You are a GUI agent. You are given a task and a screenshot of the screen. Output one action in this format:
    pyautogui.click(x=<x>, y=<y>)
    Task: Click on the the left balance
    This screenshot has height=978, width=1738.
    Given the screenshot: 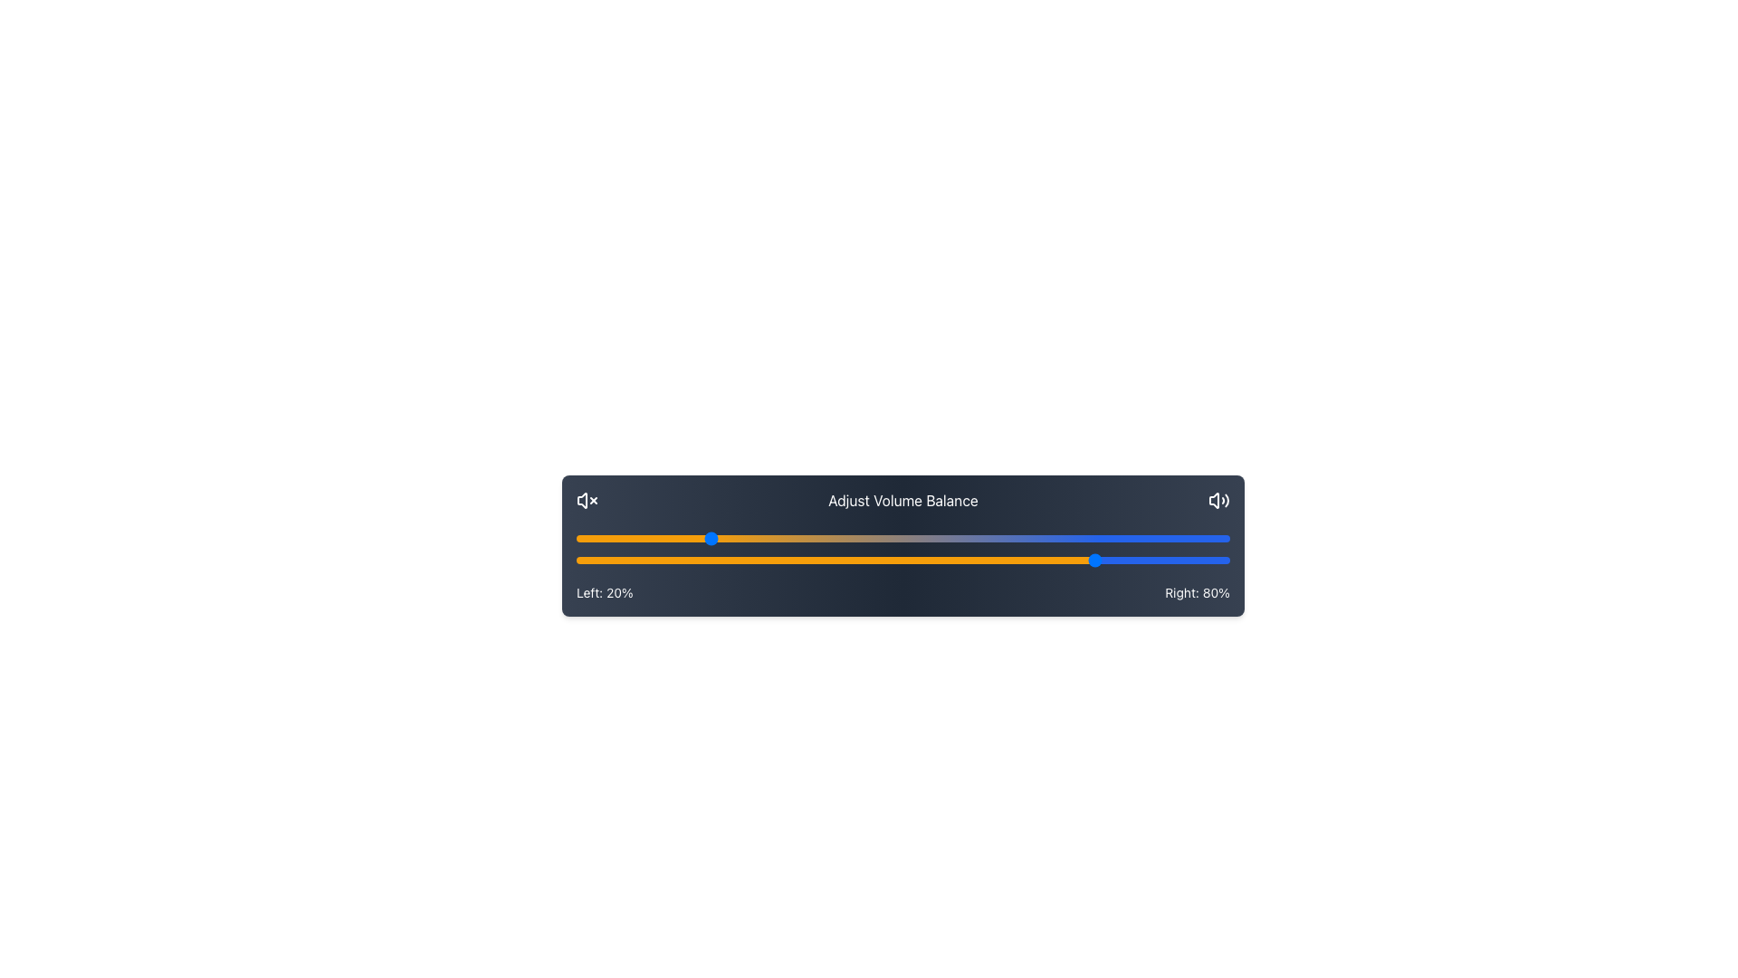 What is the action you would take?
    pyautogui.click(x=583, y=537)
    